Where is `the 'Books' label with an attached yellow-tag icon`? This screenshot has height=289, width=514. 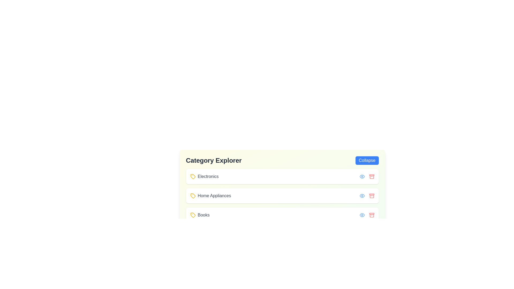 the 'Books' label with an attached yellow-tag icon is located at coordinates (199, 215).